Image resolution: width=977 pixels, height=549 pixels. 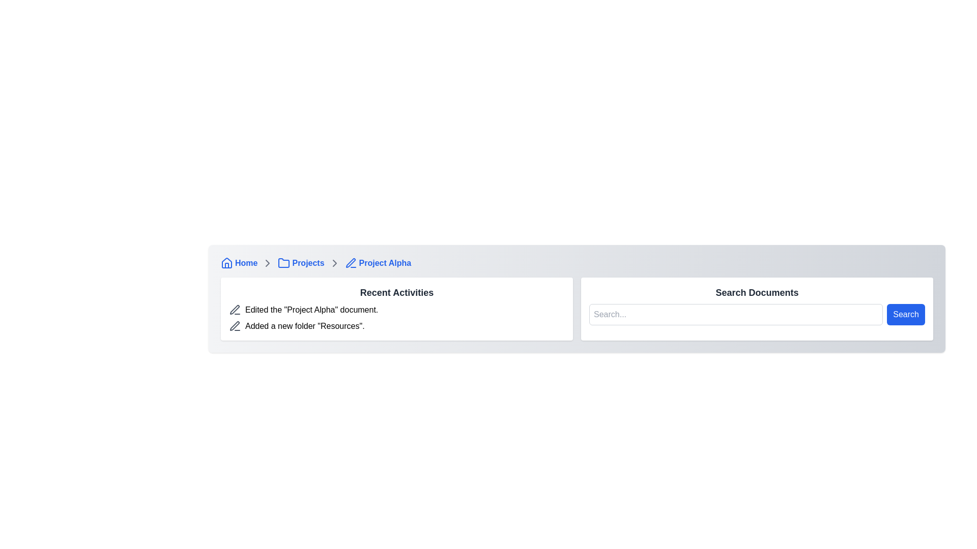 What do you see at coordinates (377, 262) in the screenshot?
I see `the third item` at bounding box center [377, 262].